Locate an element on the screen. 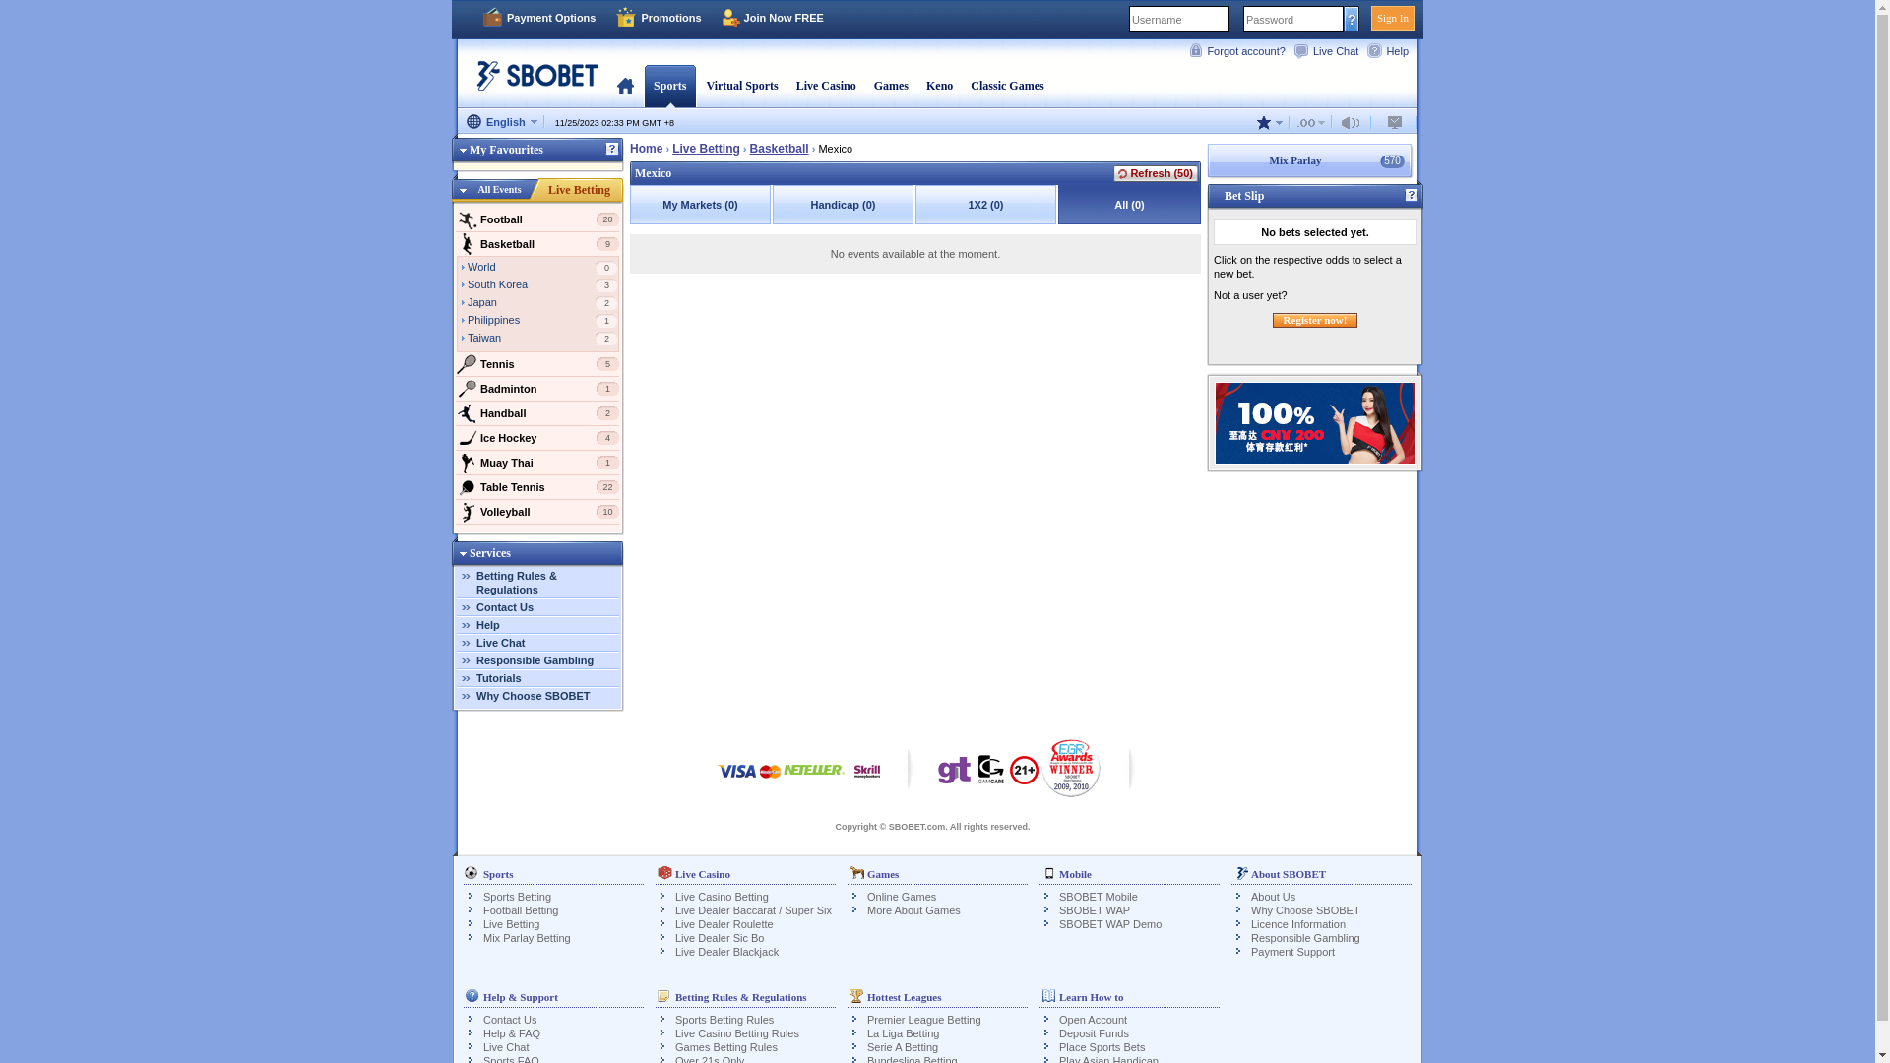 The width and height of the screenshot is (1890, 1063). 'Unavailable option' is located at coordinates (1311, 122).